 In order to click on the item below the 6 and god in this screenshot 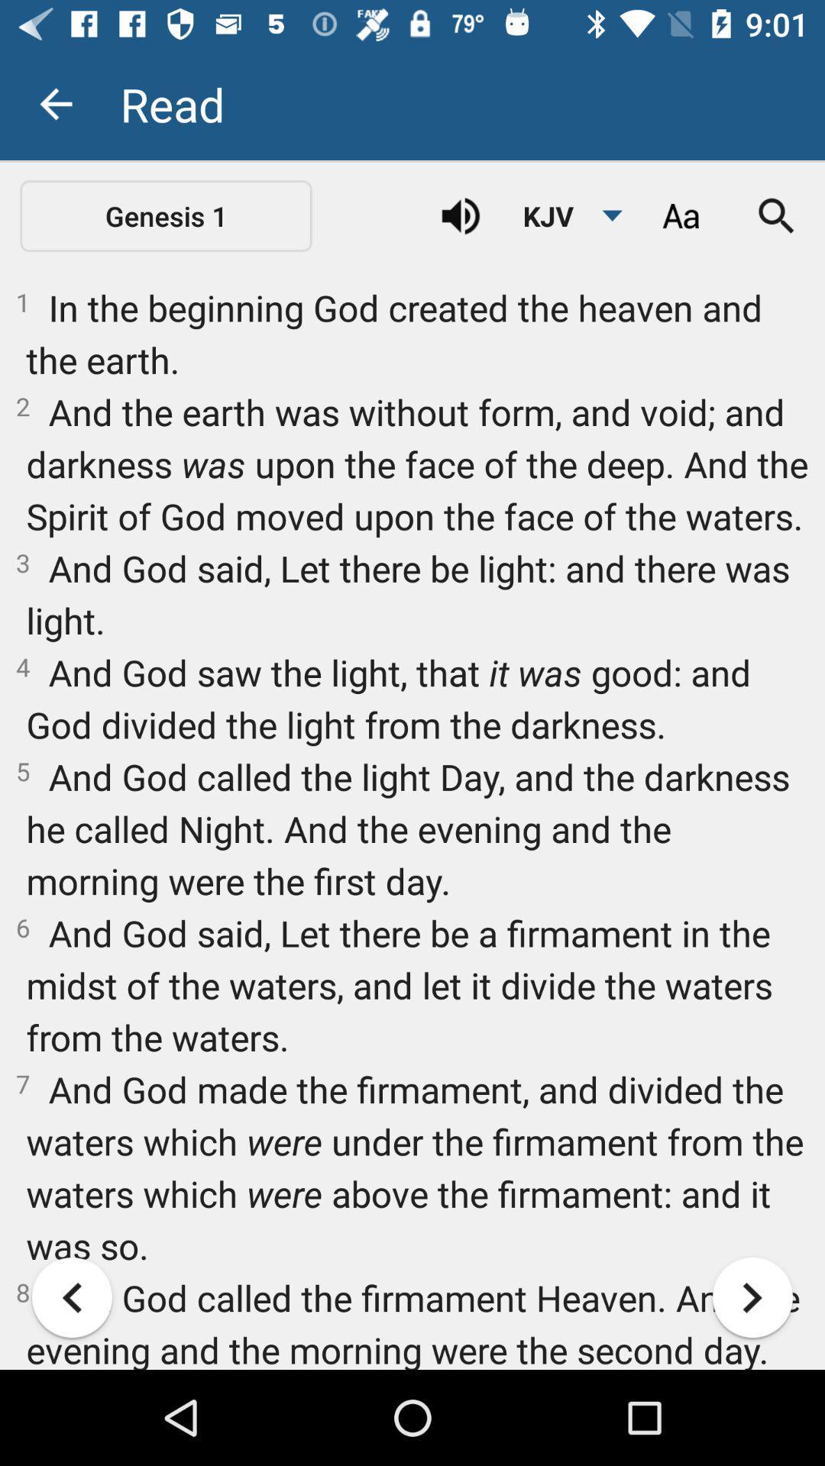, I will do `click(752, 1296)`.